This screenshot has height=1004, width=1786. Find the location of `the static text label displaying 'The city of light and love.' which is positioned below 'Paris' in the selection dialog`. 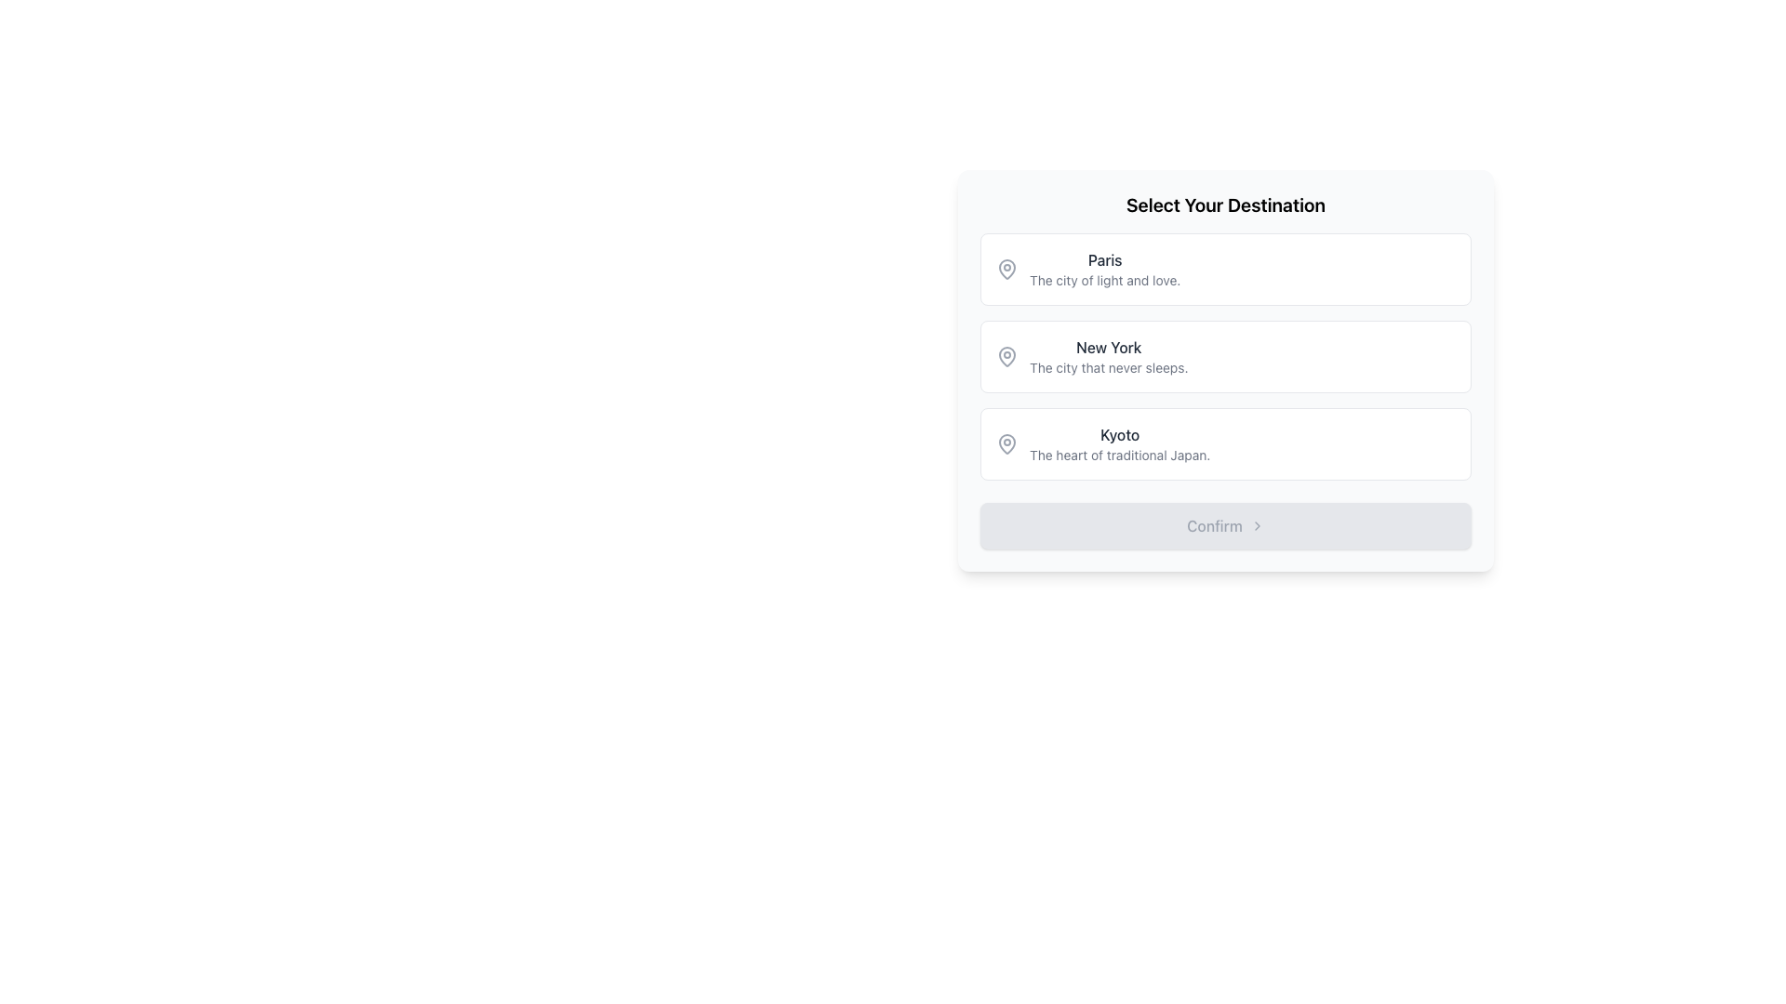

the static text label displaying 'The city of light and love.' which is positioned below 'Paris' in the selection dialog is located at coordinates (1105, 280).